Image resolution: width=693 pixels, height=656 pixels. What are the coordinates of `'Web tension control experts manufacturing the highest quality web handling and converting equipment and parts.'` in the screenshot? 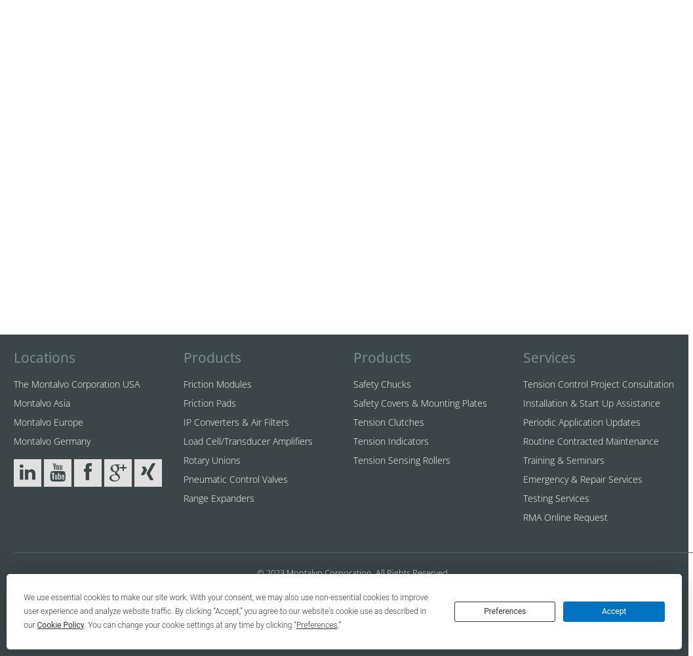 It's located at (352, 627).